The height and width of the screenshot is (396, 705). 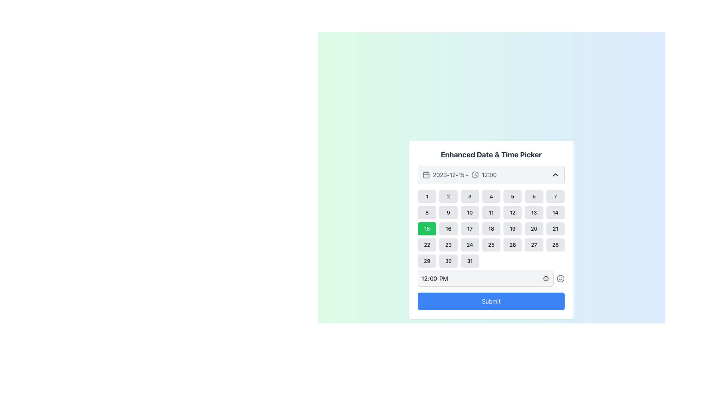 What do you see at coordinates (427, 261) in the screenshot?
I see `the button representing day 29 in the calendar interface` at bounding box center [427, 261].